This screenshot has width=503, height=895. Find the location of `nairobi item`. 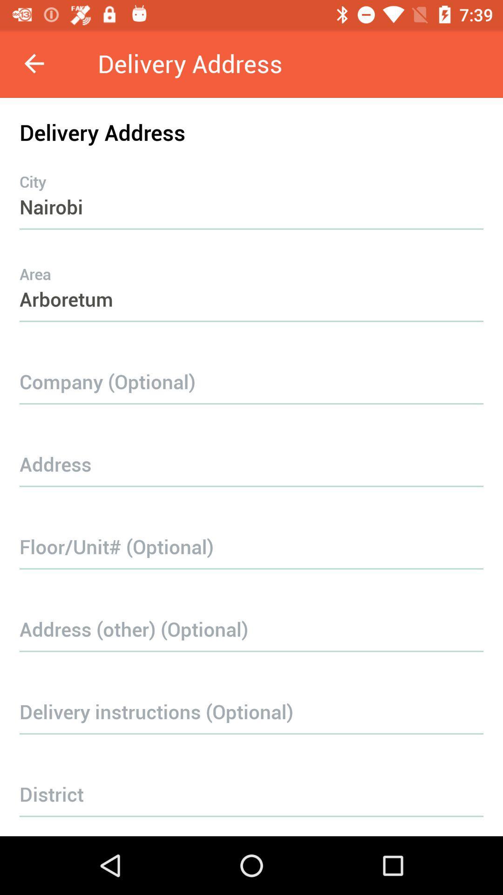

nairobi item is located at coordinates (251, 188).